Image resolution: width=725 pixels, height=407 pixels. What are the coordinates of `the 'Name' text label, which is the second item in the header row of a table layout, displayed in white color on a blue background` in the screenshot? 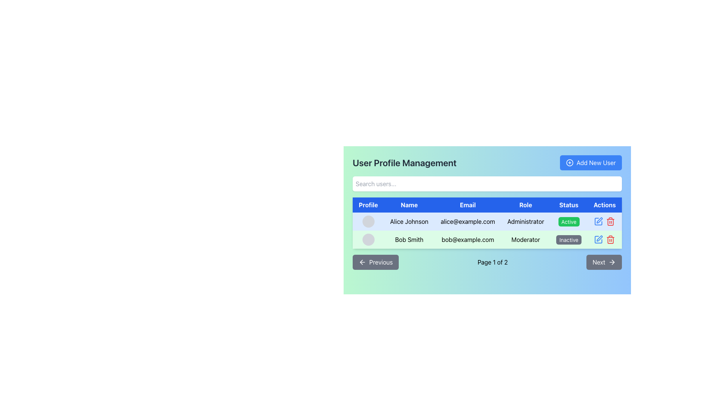 It's located at (409, 205).